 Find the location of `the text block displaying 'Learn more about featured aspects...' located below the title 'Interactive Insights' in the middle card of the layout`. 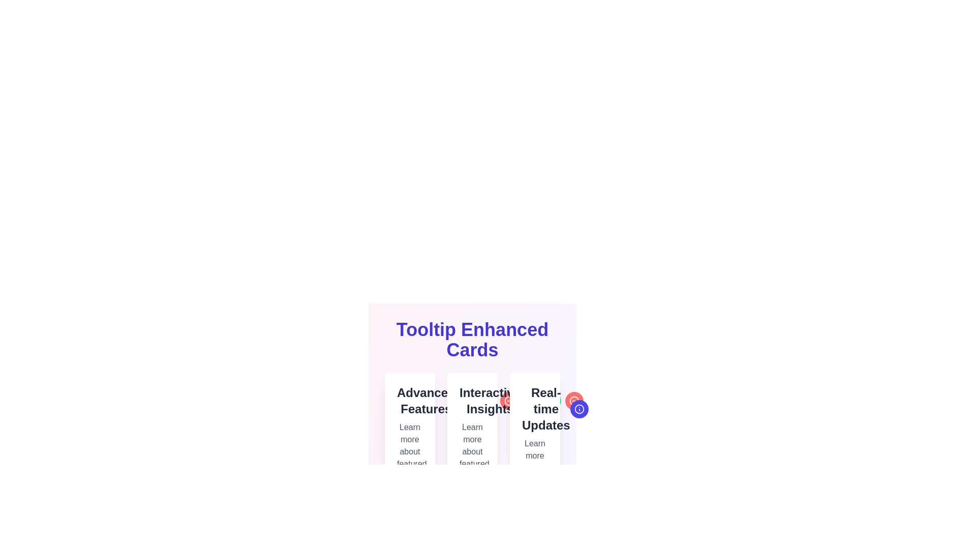

the text block displaying 'Learn more about featured aspects...' located below the title 'Interactive Insights' in the middle card of the layout is located at coordinates (472, 451).